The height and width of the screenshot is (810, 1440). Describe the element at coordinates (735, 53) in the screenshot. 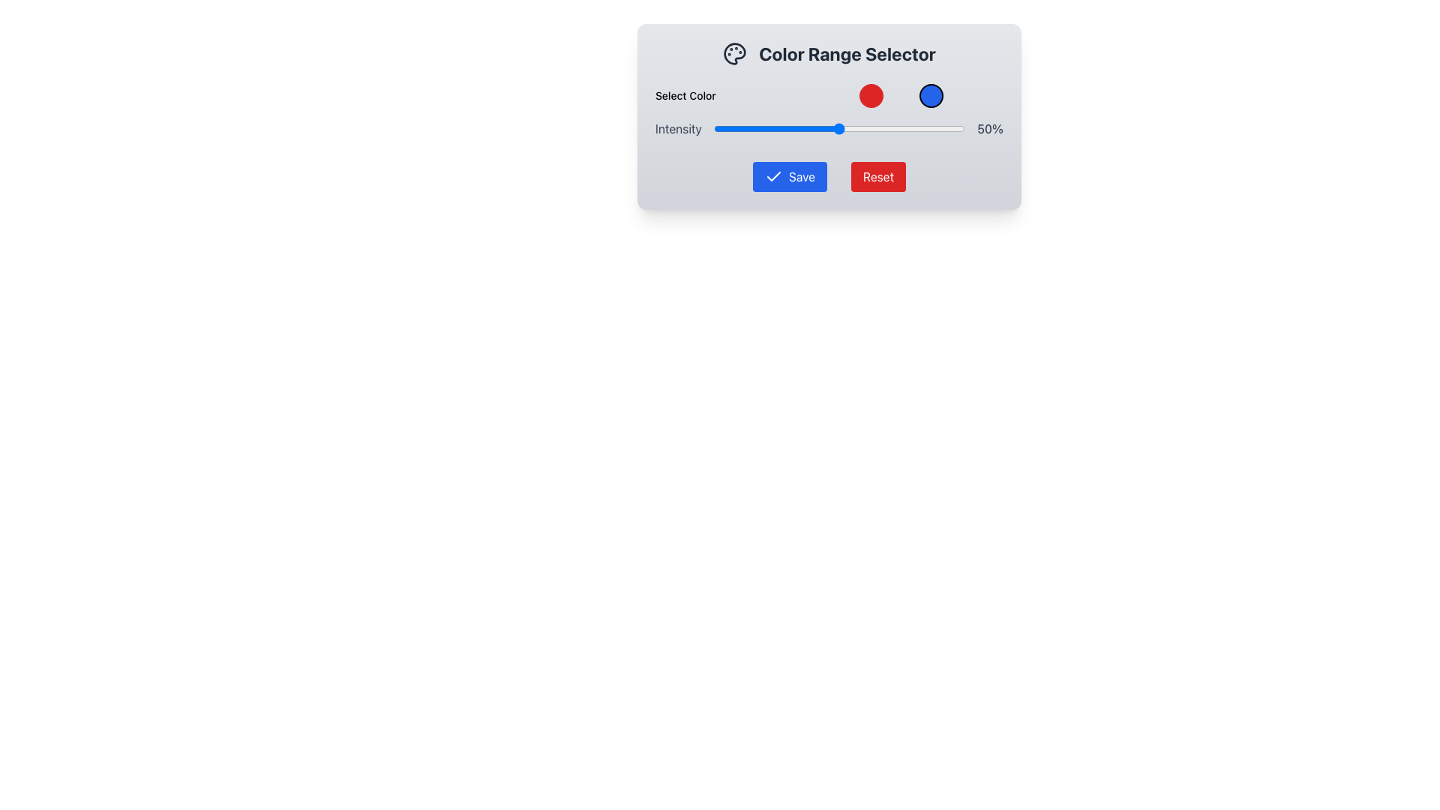

I see `the vector graphic that represents the main curved body of the palette within the Color Range Selector component's SVG icon` at that location.